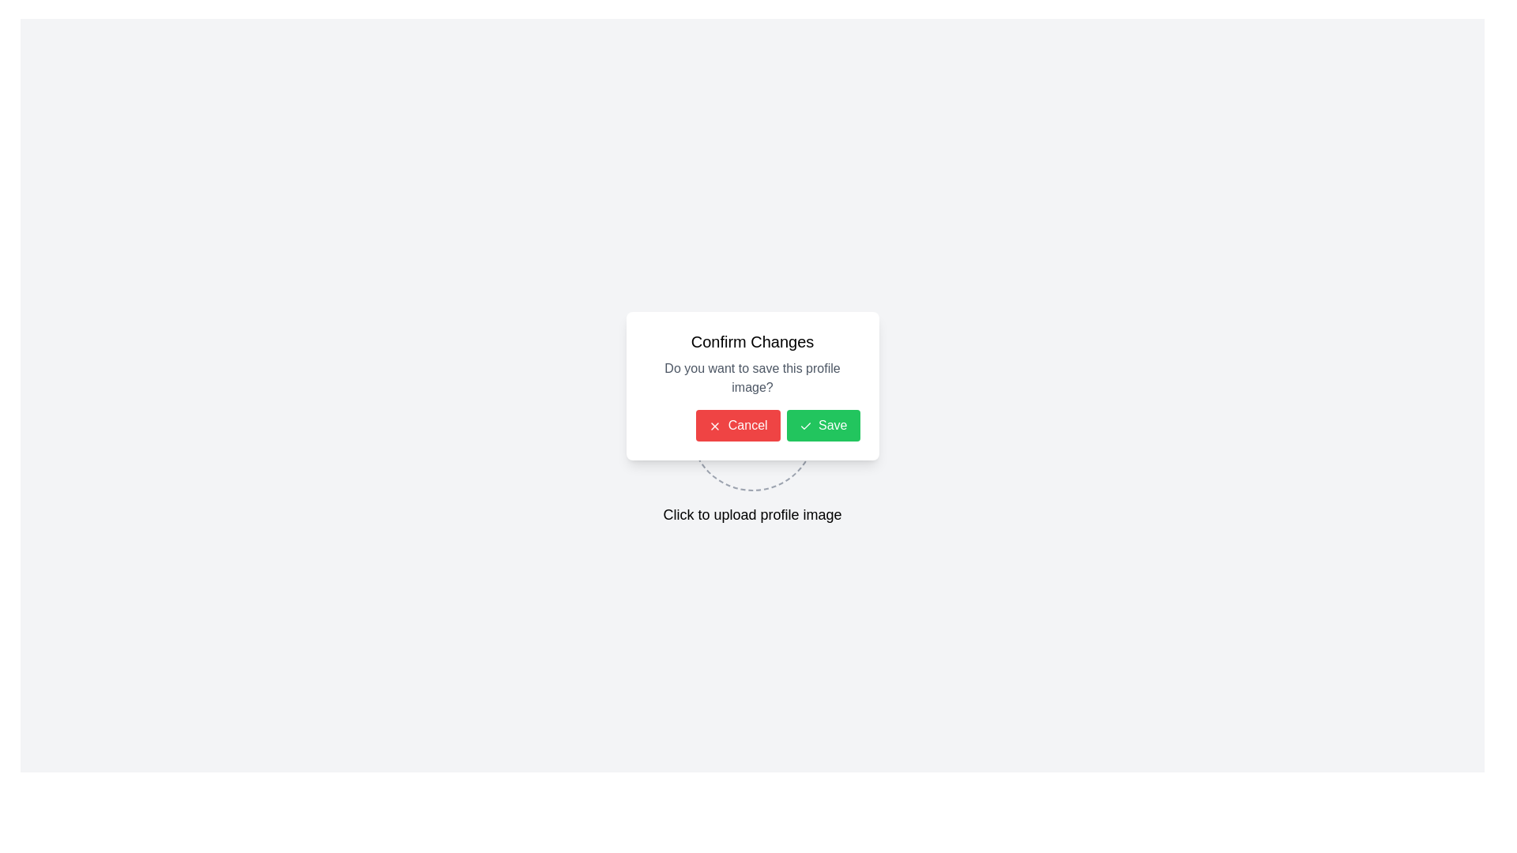  Describe the element at coordinates (714, 425) in the screenshot. I see `the decorative icon to the left of the 'Cancel' button in the 'Confirm Changes' dialog box` at that location.